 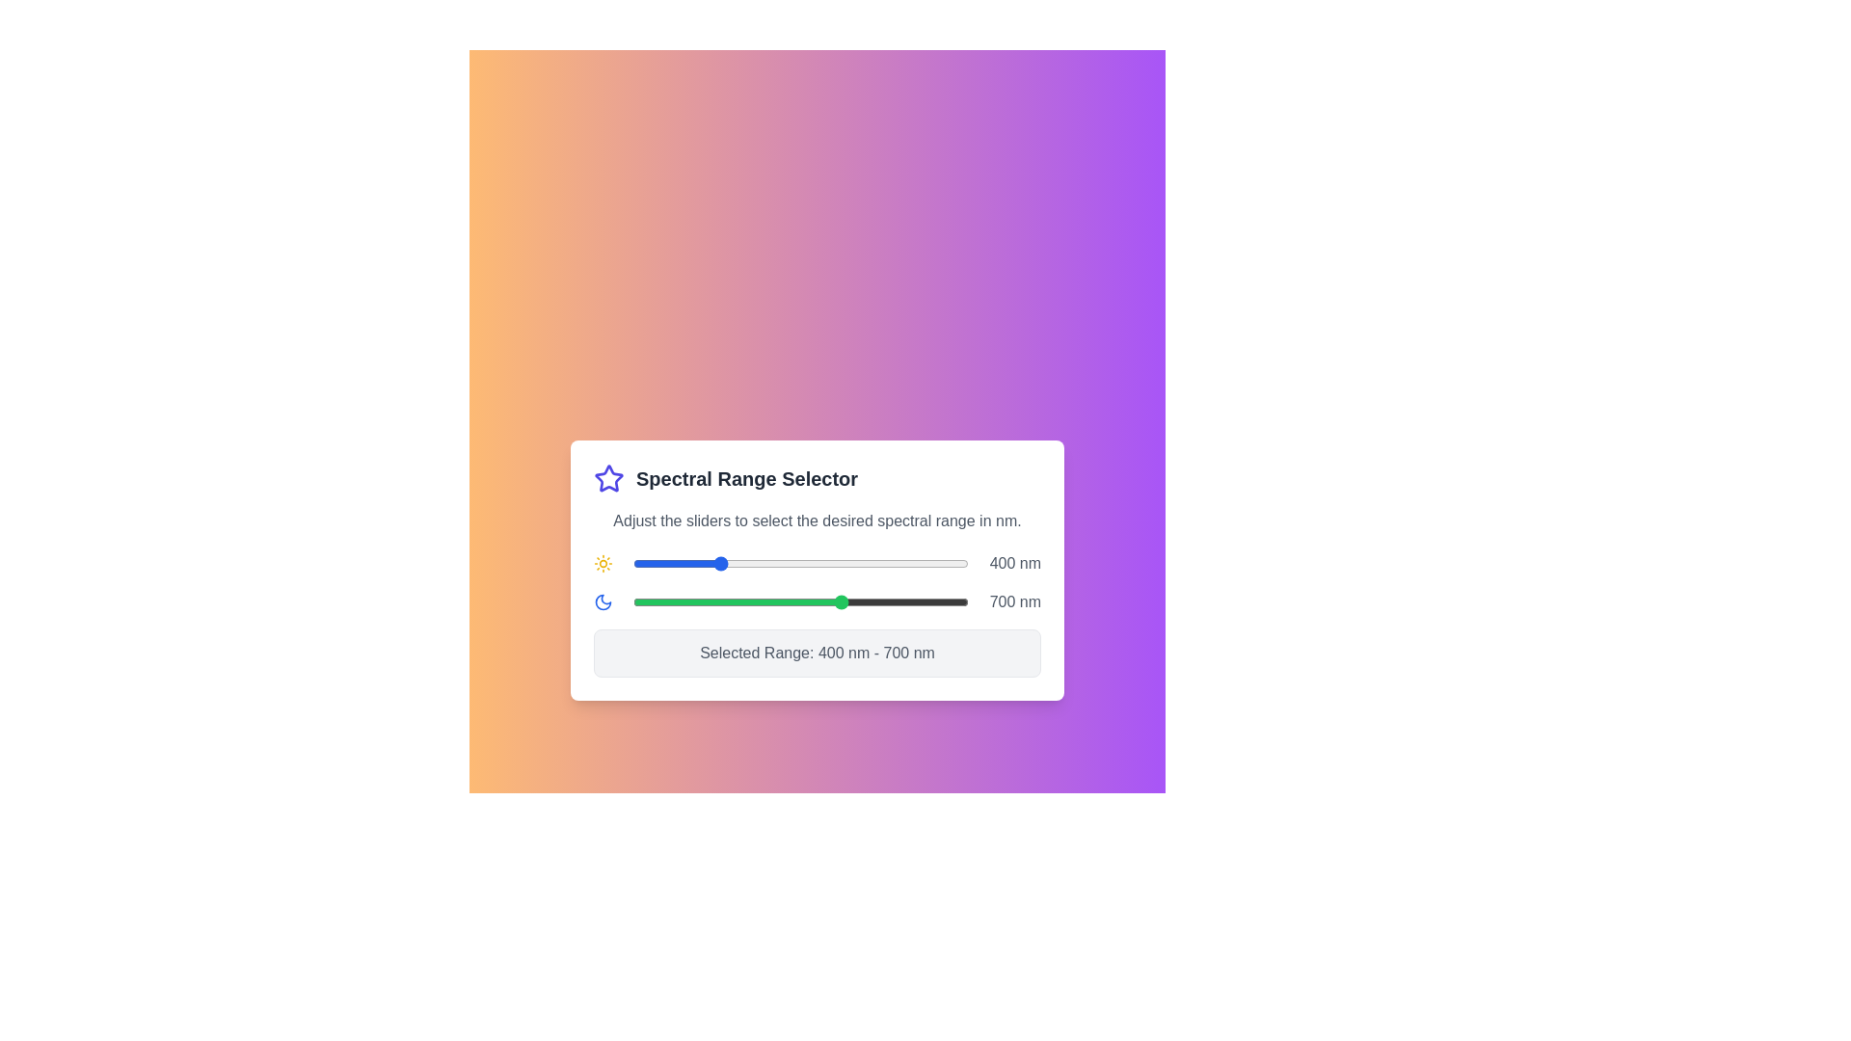 What do you see at coordinates (608, 478) in the screenshot?
I see `the star icon above the Spectral Range Selector header` at bounding box center [608, 478].